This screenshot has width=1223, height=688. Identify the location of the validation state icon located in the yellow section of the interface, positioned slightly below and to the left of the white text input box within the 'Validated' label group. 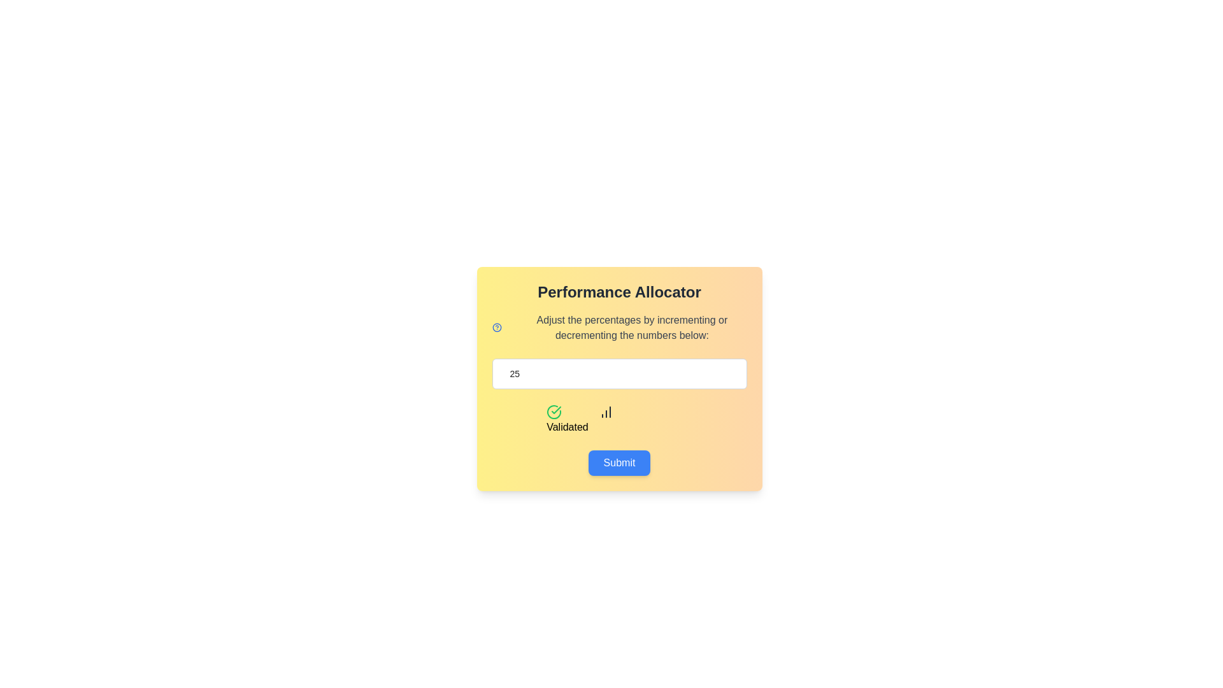
(554, 412).